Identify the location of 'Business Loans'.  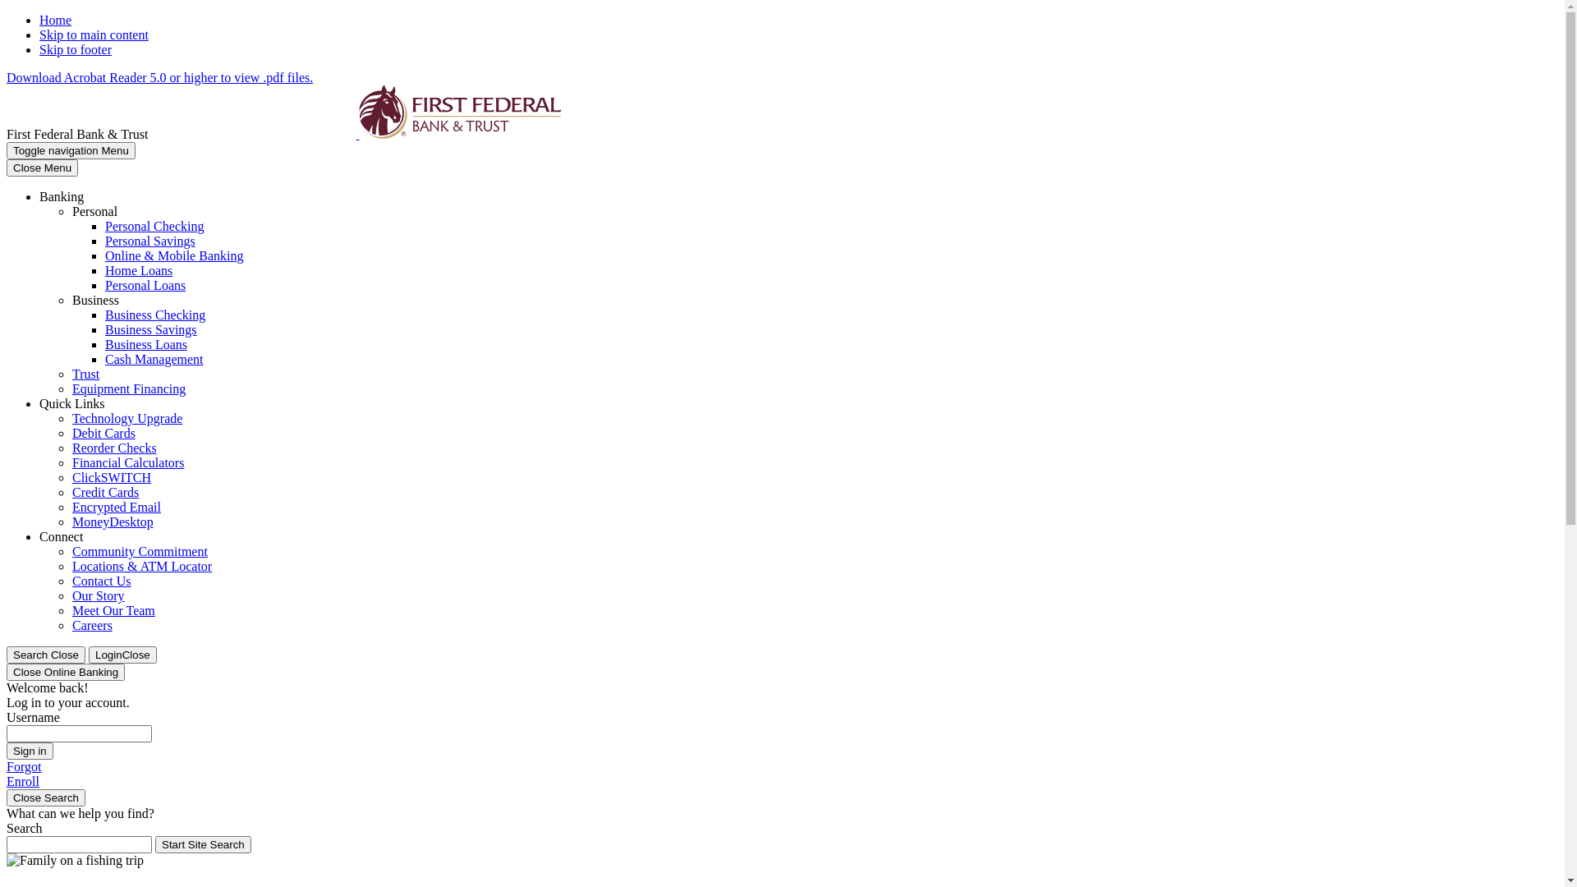
(145, 343).